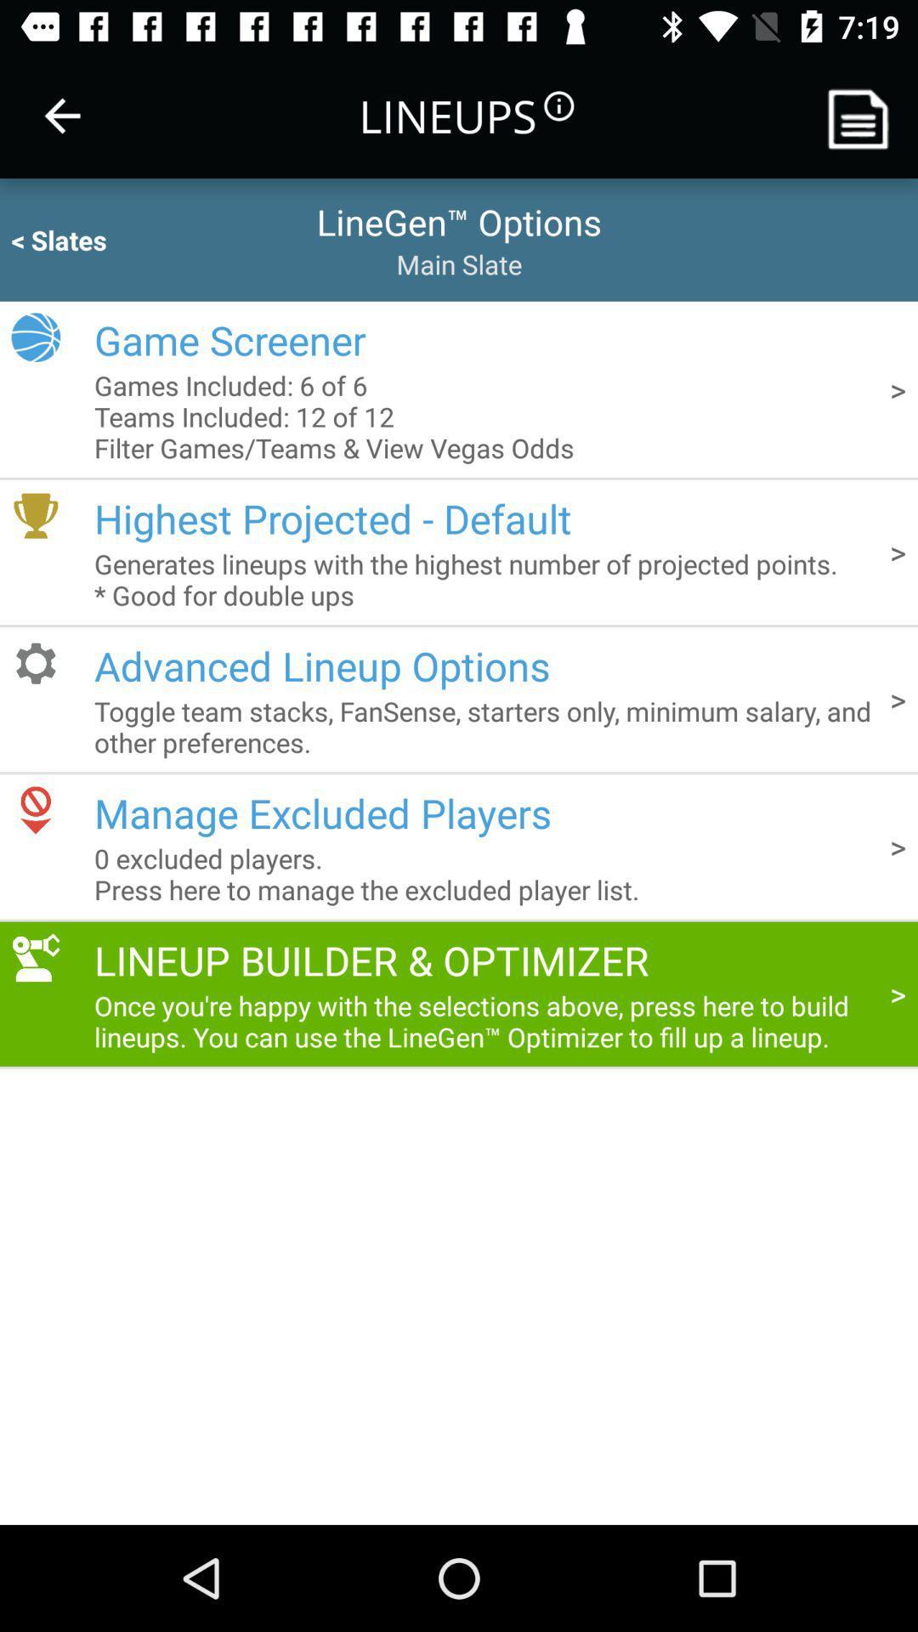  What do you see at coordinates (61, 115) in the screenshot?
I see `item next to the lineups` at bounding box center [61, 115].